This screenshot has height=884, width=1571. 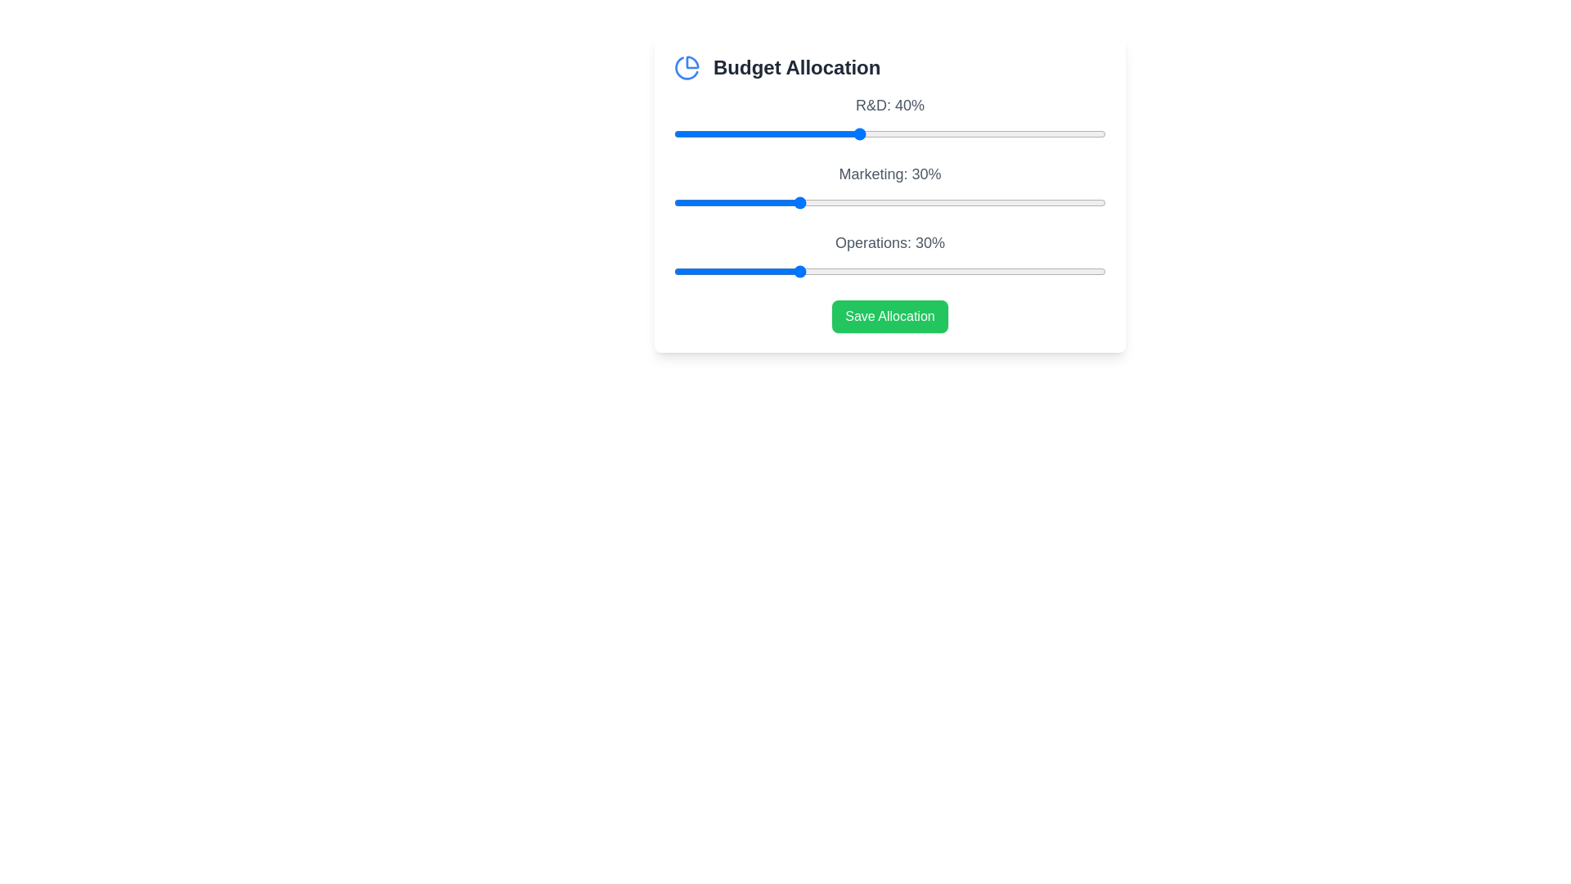 I want to click on the 'Marketing' slider to allocate 27% budget, so click(x=778, y=201).